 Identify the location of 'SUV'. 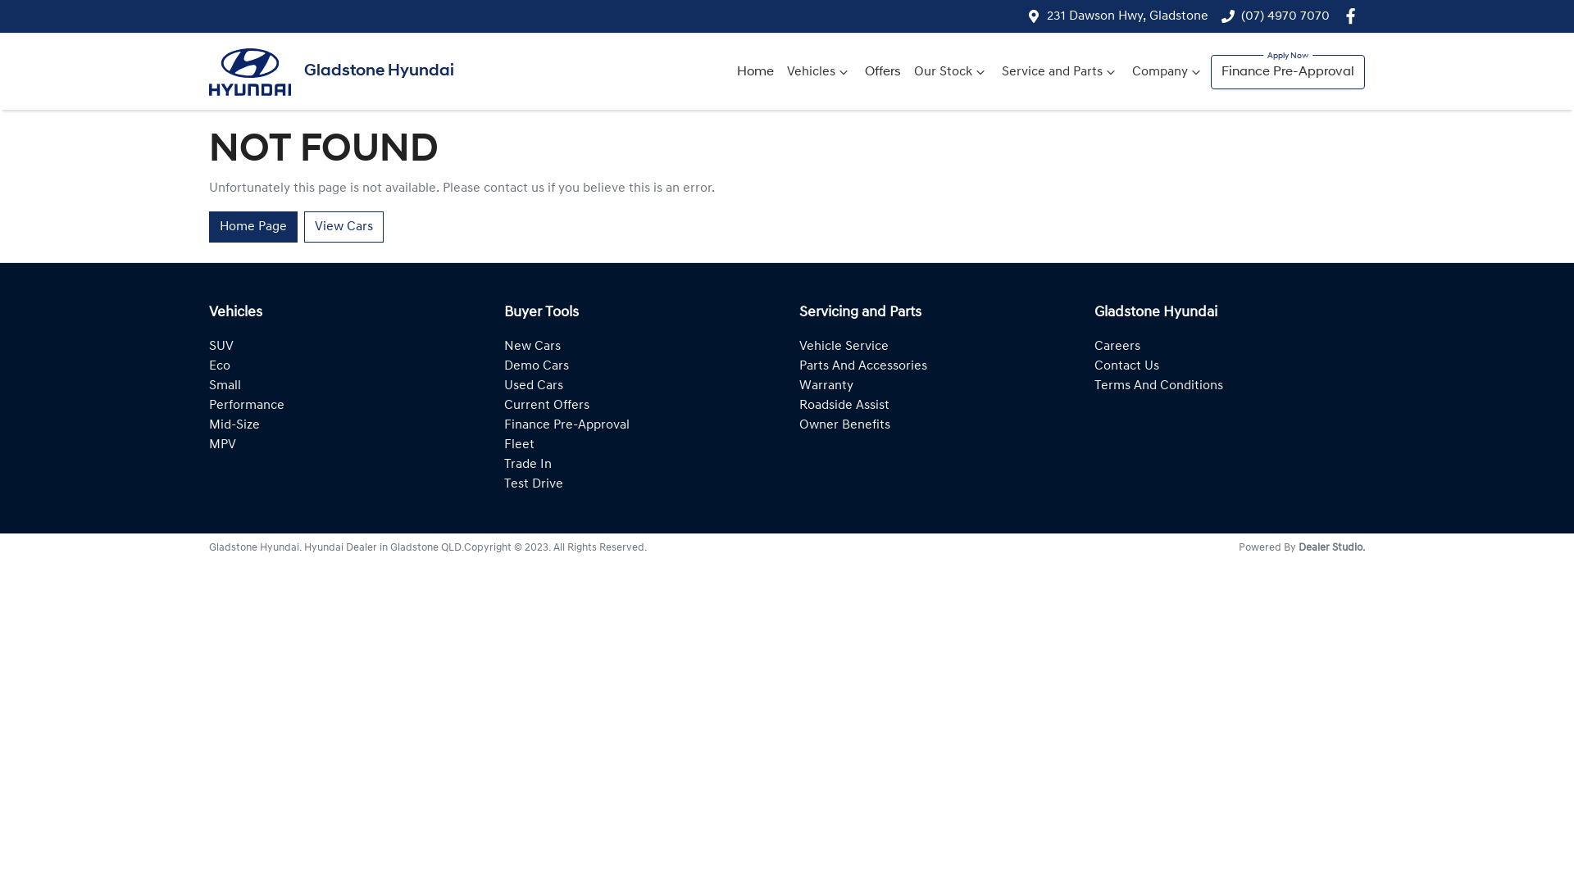
(220, 346).